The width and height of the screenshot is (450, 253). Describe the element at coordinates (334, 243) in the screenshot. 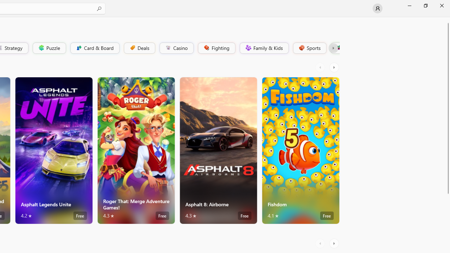

I see `'AutomationID: RightScrollButton'` at that location.